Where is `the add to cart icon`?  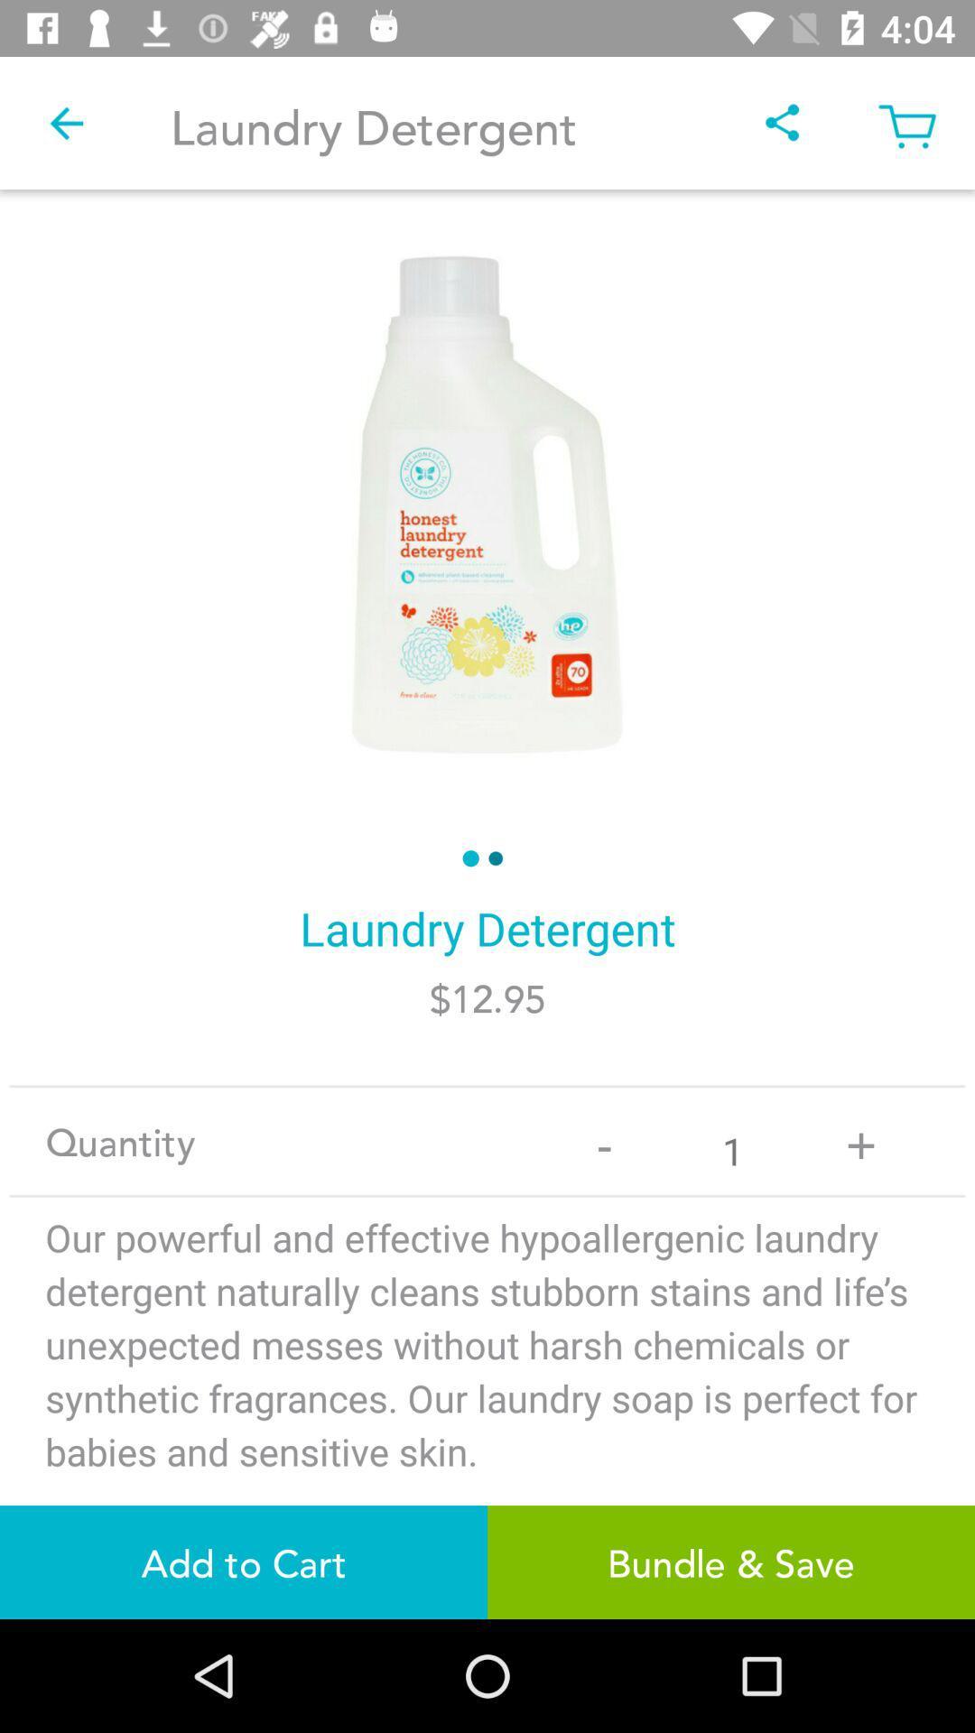
the add to cart icon is located at coordinates (244, 1562).